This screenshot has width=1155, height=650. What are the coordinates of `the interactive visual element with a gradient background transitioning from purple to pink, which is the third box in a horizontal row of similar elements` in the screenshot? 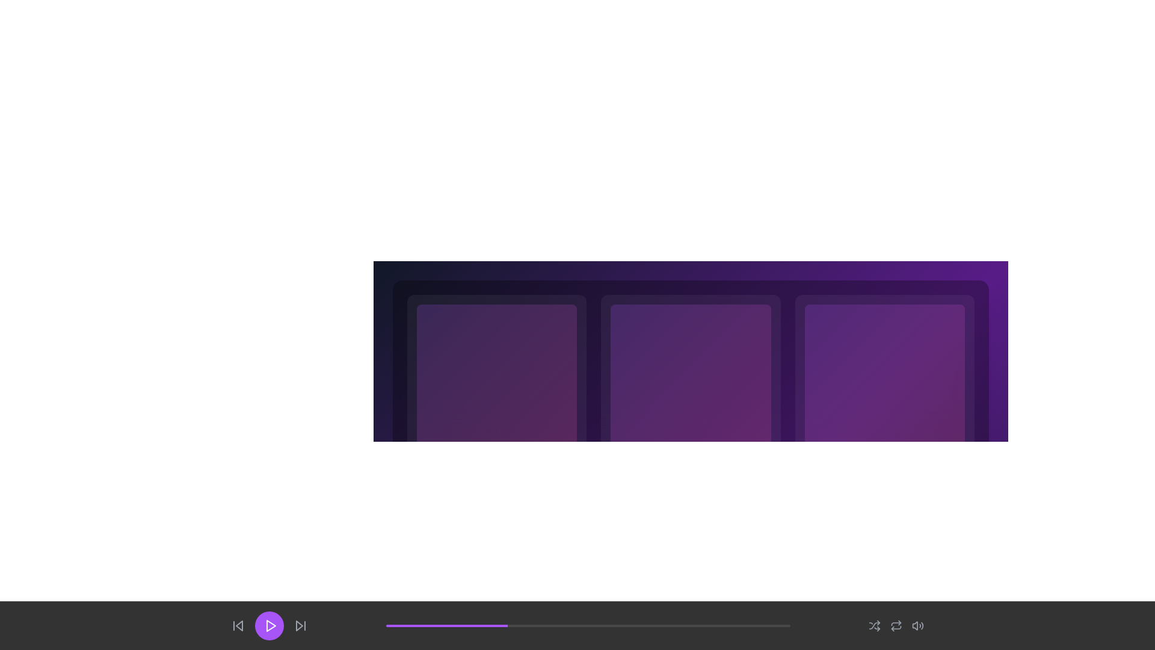 It's located at (884, 385).